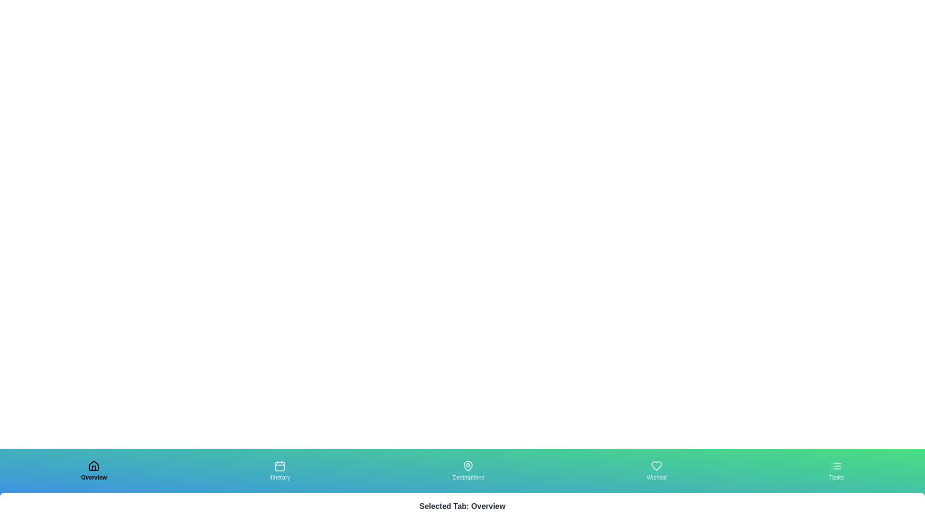 This screenshot has height=520, width=925. I want to click on the tab labeled Destinations to observe its visual feedback, so click(468, 470).